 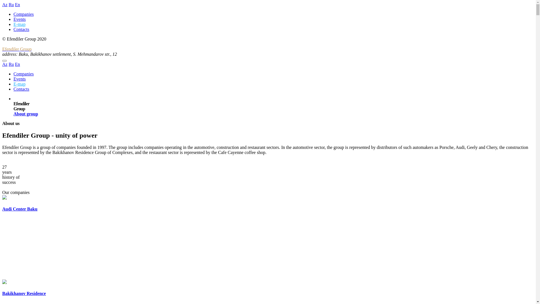 What do you see at coordinates (5, 5) in the screenshot?
I see `'Az'` at bounding box center [5, 5].